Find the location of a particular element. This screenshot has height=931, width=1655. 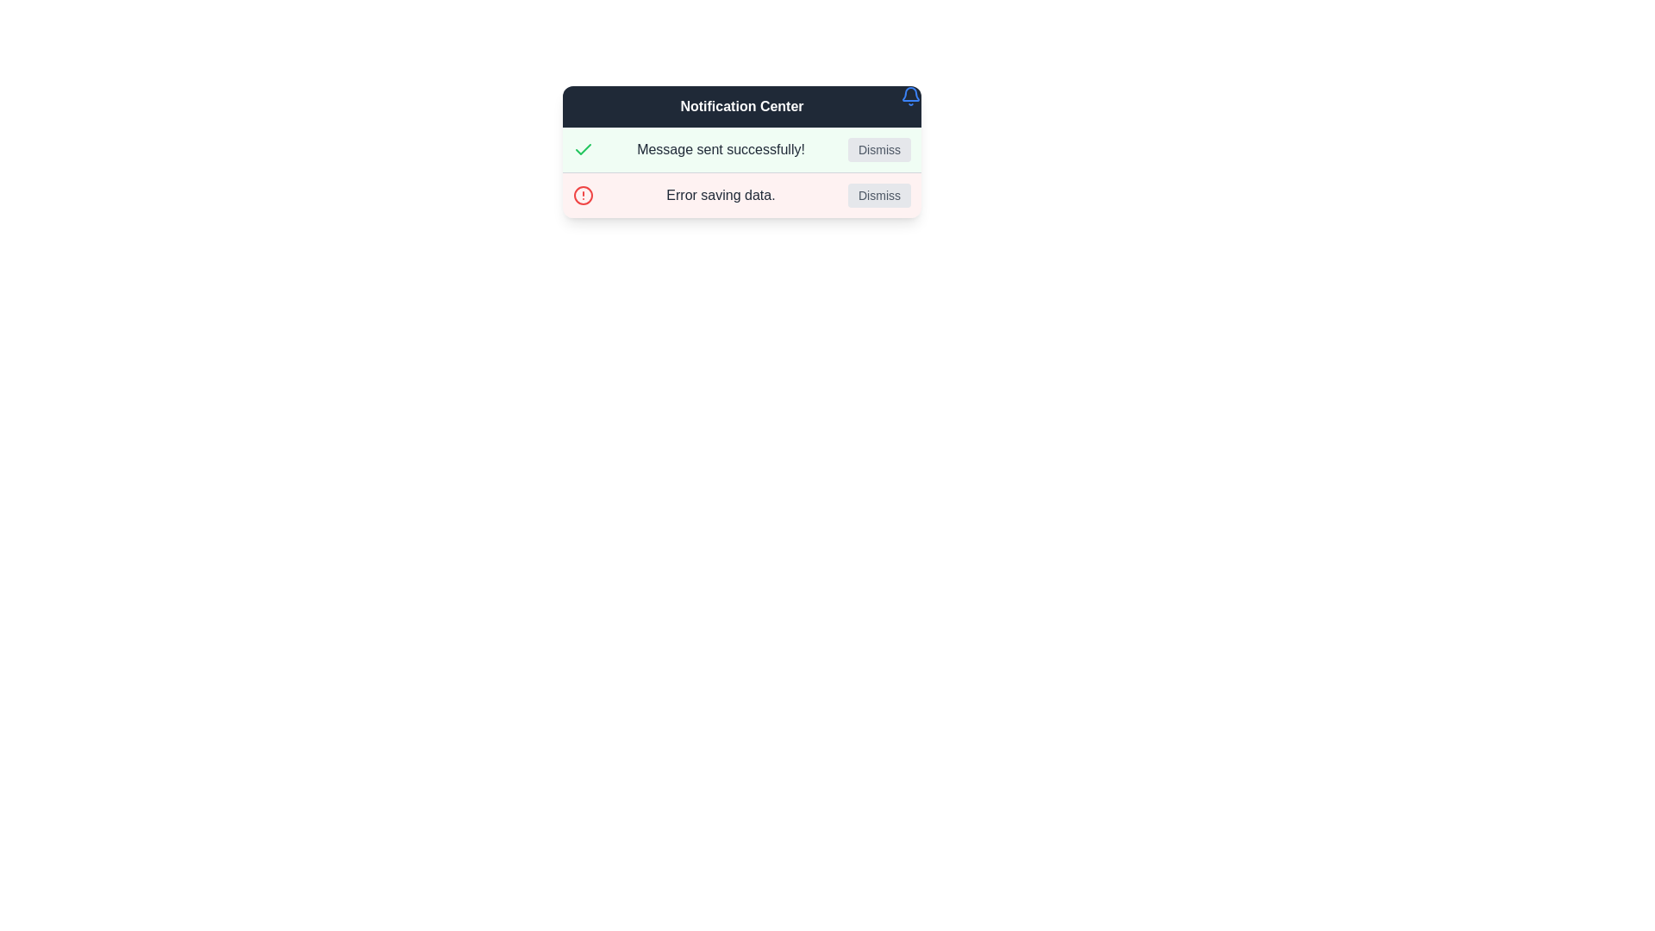

the green checkmark icon representing successful actions, located to the left of the text 'Message sent successfully!' in the notification box is located at coordinates (583, 148).